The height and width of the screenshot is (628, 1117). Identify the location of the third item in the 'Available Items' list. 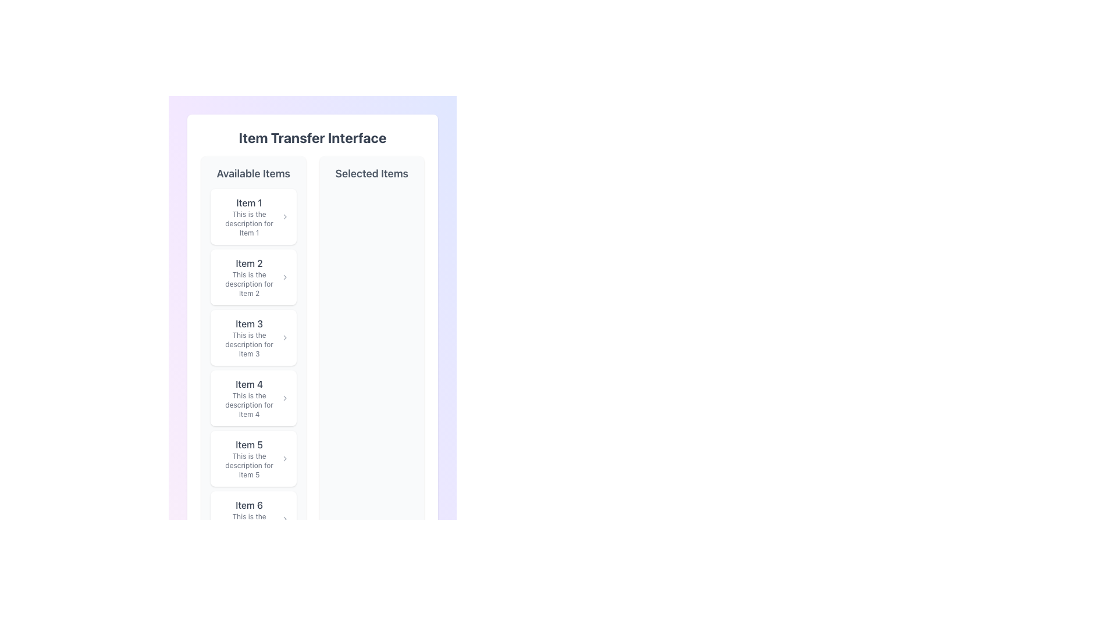
(252, 338).